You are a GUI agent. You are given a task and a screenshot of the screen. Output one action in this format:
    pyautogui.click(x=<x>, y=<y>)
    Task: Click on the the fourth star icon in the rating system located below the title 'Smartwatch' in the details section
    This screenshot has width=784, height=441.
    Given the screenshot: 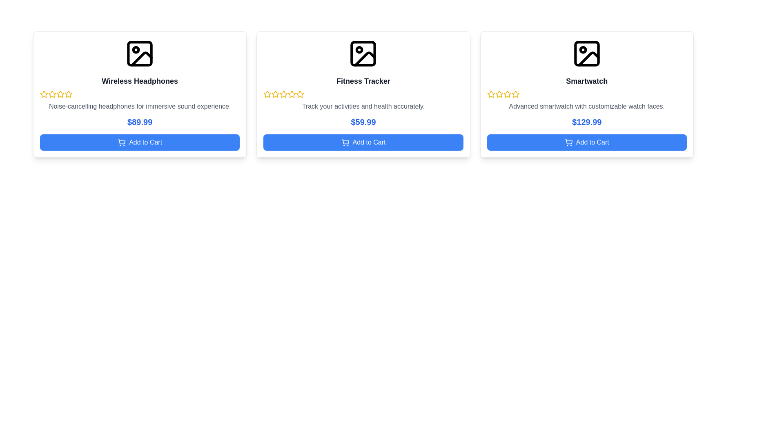 What is the action you would take?
    pyautogui.click(x=515, y=94)
    